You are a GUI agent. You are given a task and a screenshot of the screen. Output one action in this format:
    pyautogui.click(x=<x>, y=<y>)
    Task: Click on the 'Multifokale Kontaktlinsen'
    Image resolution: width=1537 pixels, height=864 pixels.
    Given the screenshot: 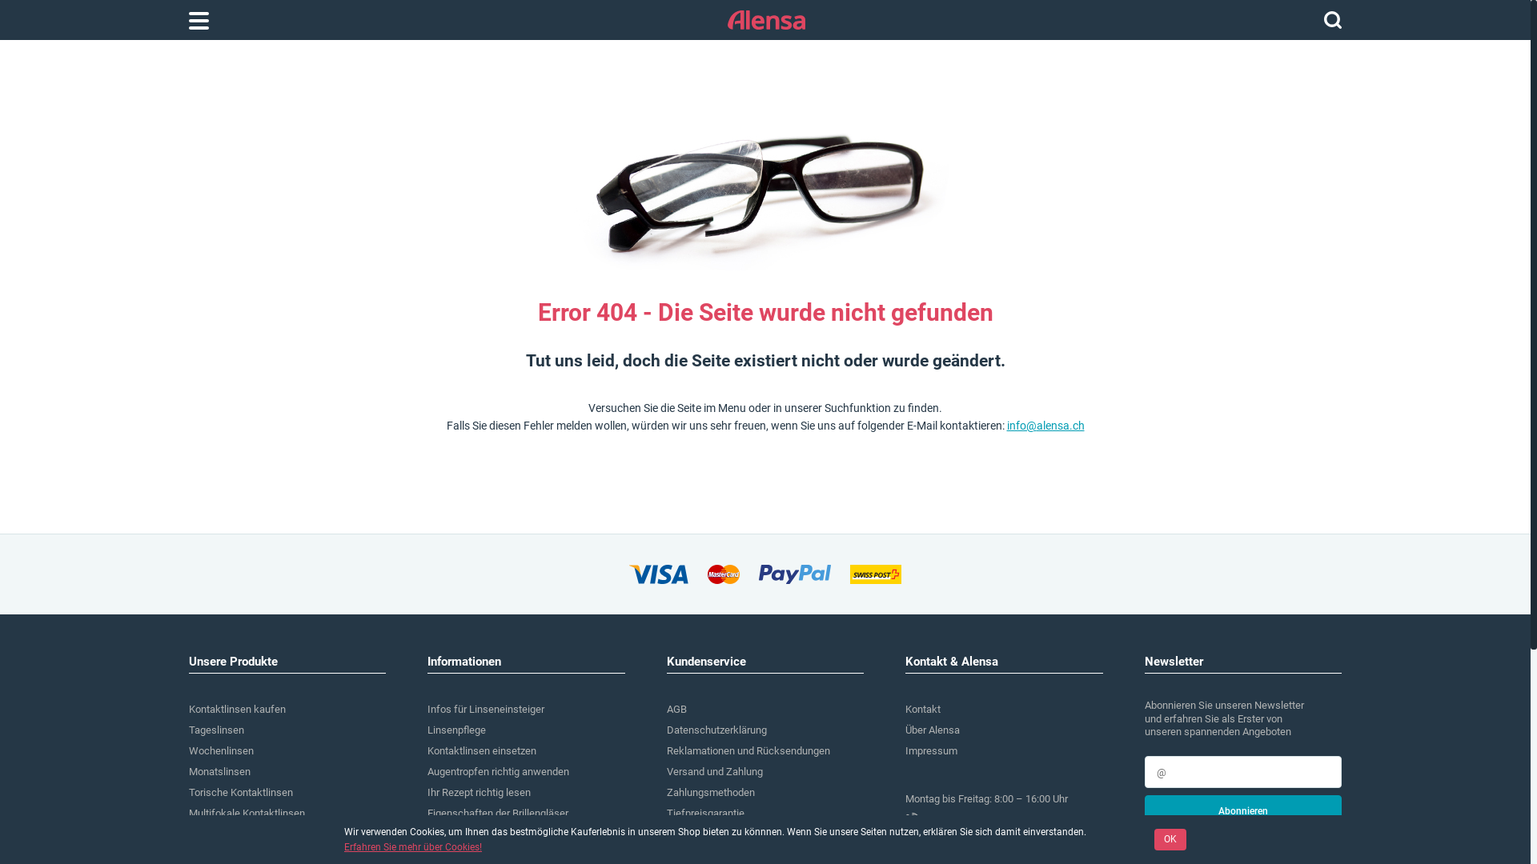 What is the action you would take?
    pyautogui.click(x=246, y=813)
    